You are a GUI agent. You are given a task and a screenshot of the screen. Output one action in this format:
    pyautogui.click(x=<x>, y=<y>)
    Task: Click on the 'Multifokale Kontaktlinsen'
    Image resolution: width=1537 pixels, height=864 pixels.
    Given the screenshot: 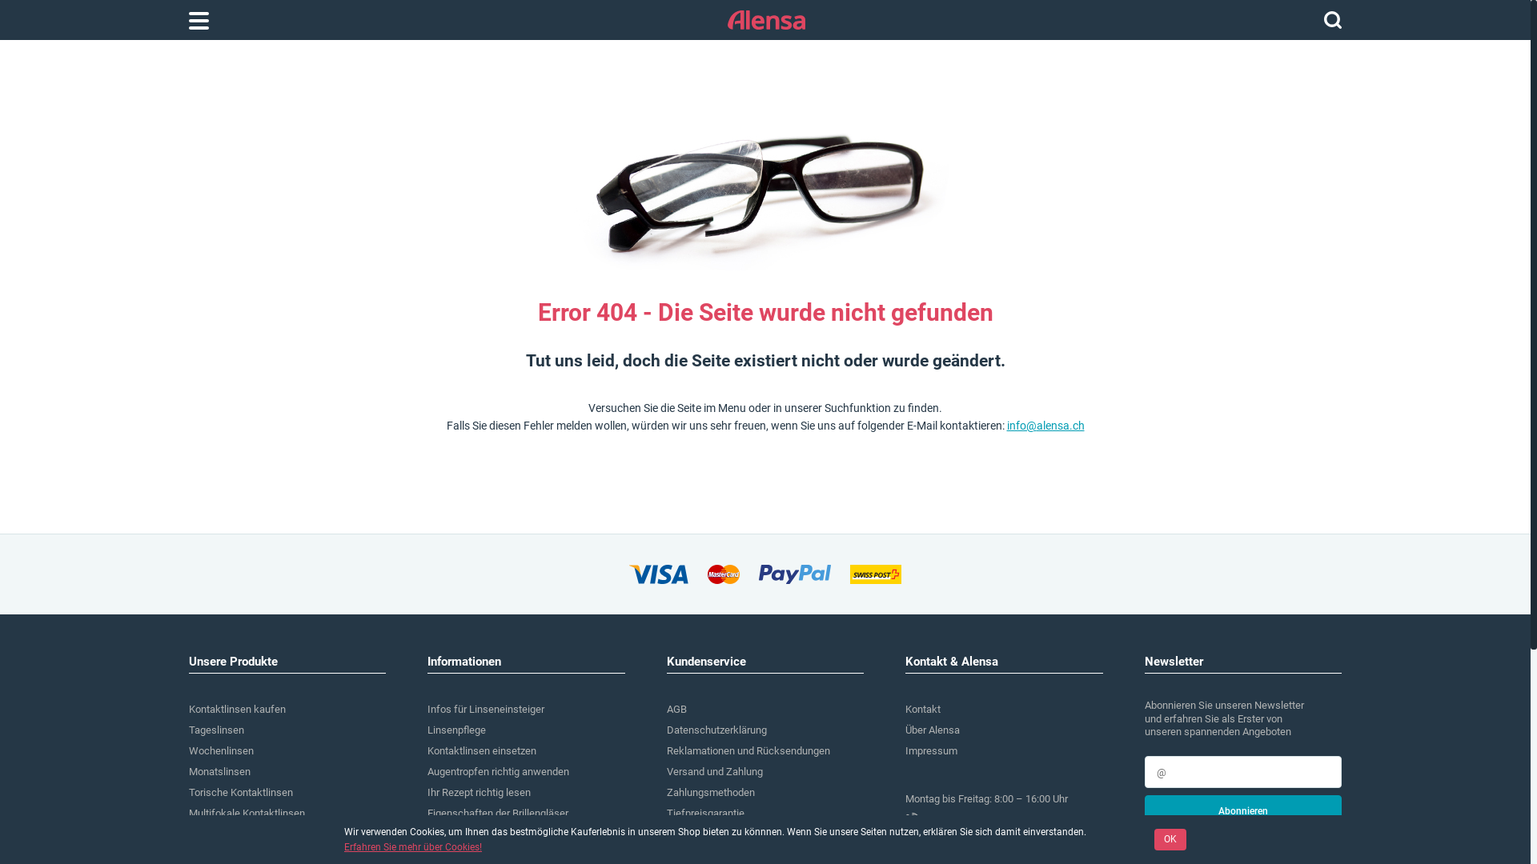 What is the action you would take?
    pyautogui.click(x=246, y=813)
    